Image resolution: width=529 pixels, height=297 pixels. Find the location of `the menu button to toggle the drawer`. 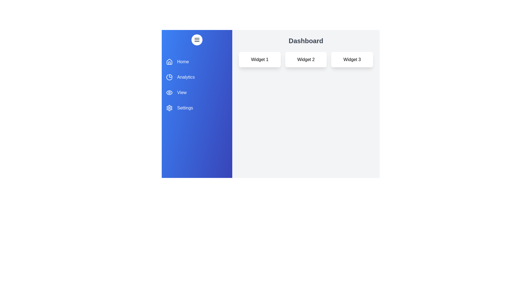

the menu button to toggle the drawer is located at coordinates (197, 40).